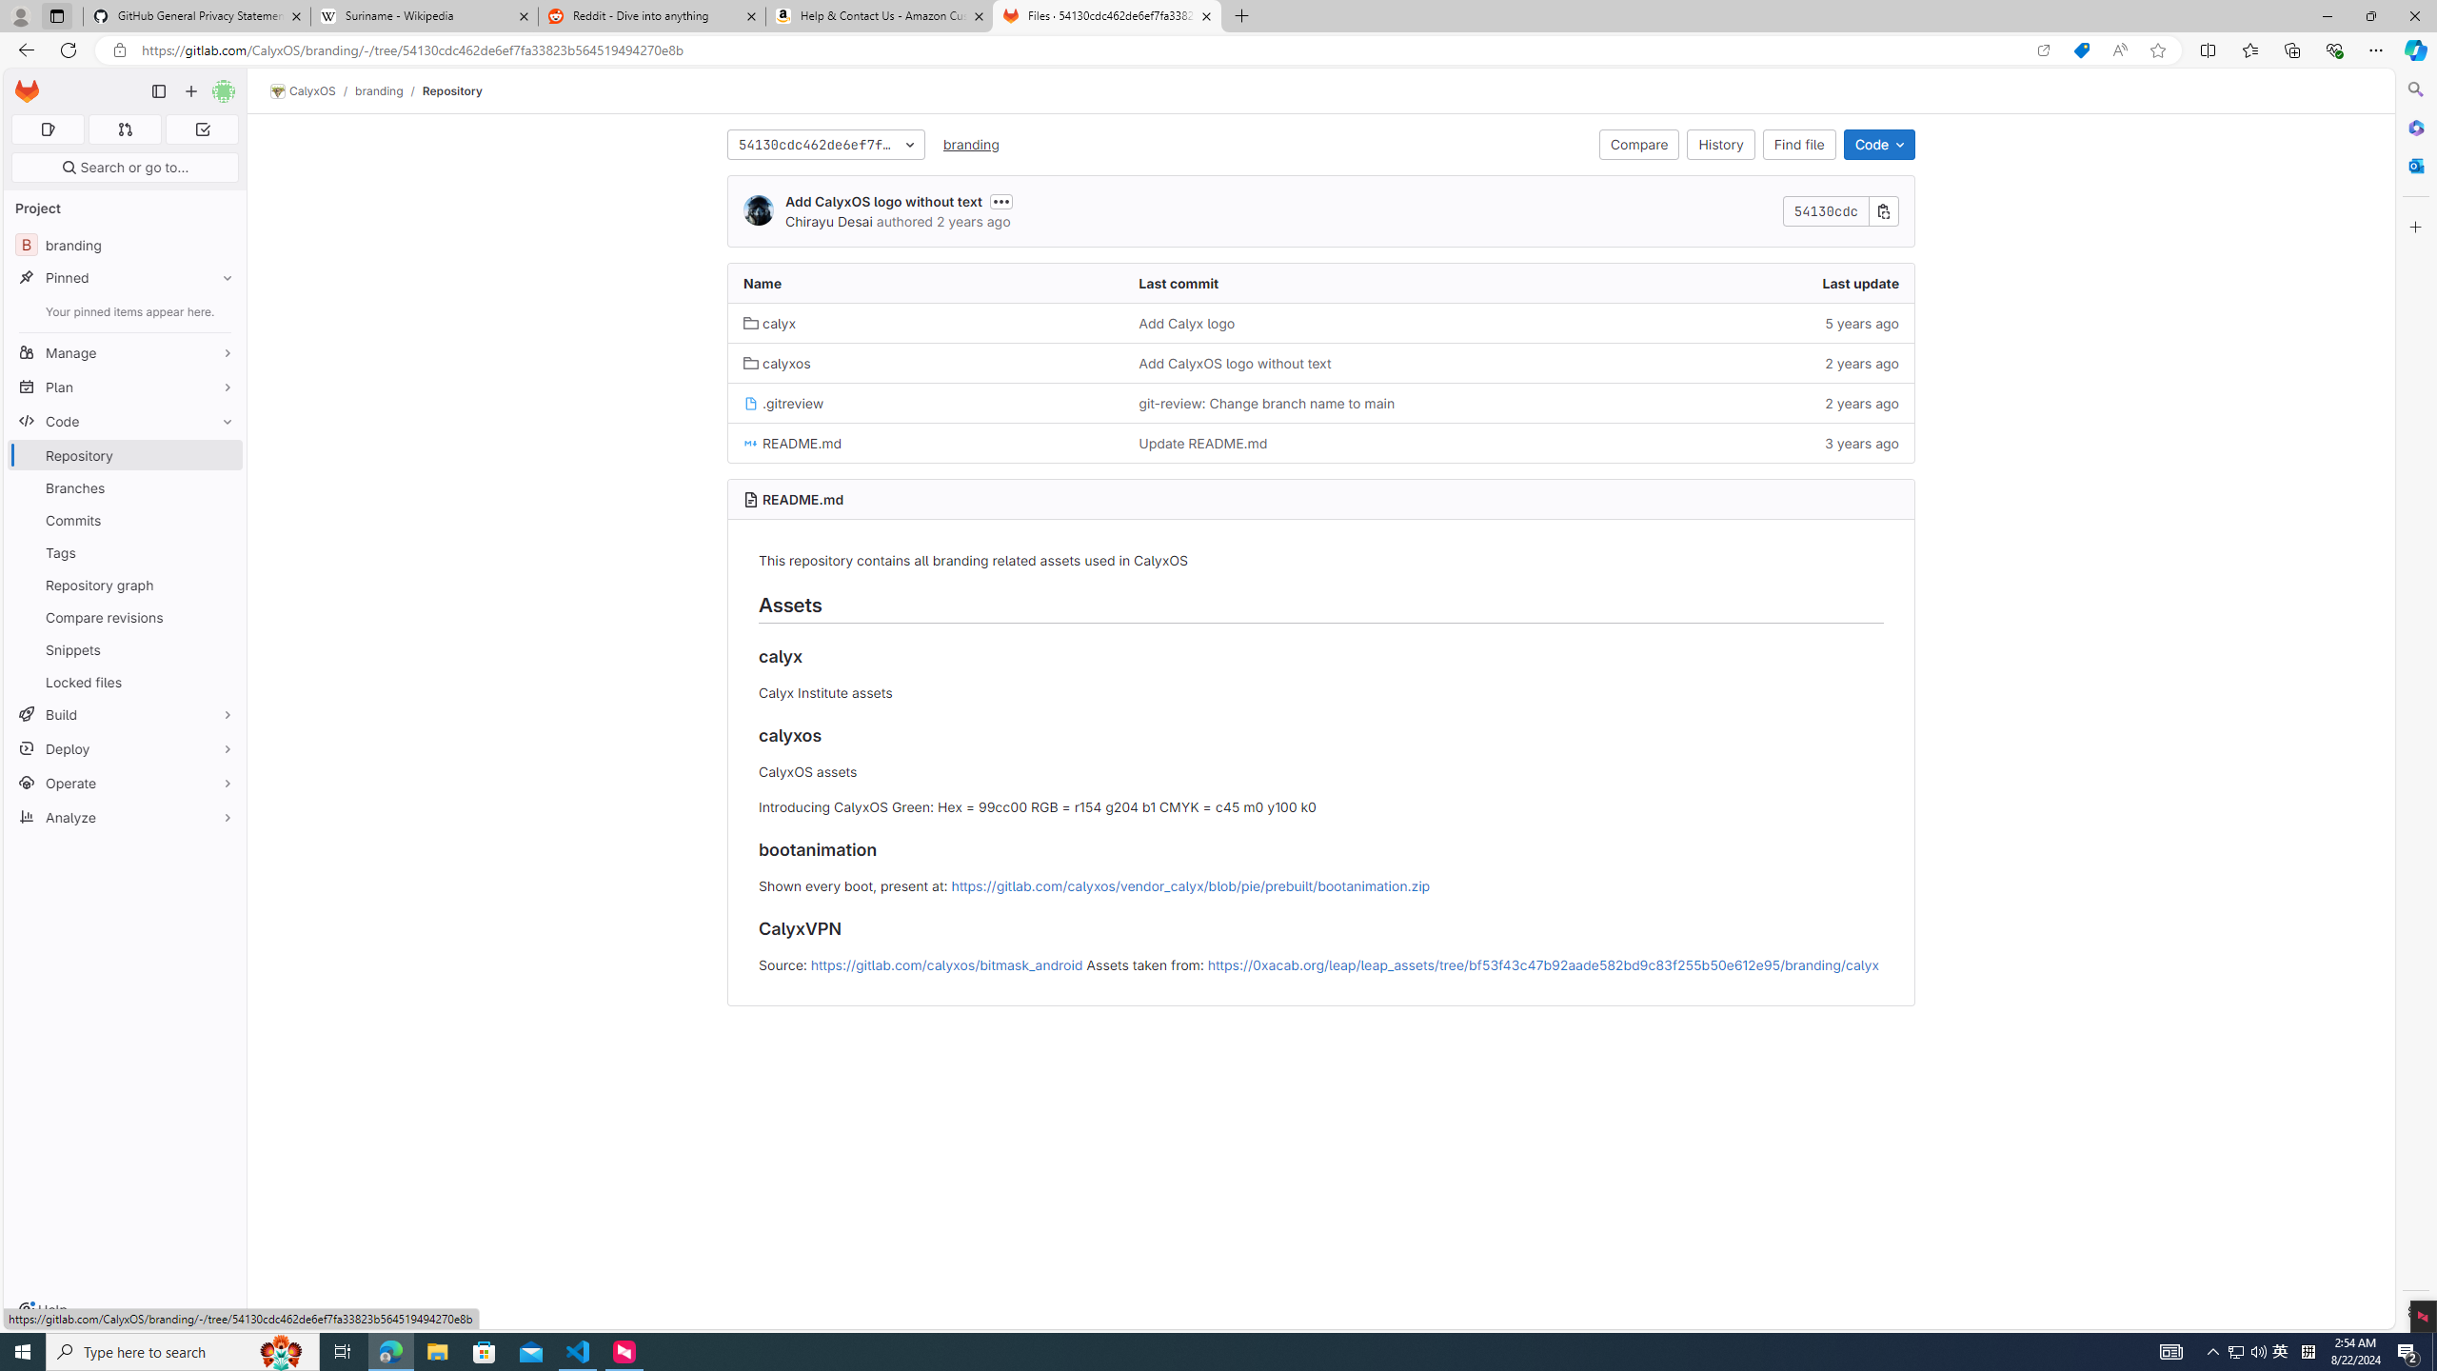  Describe the element at coordinates (2080, 50) in the screenshot. I see `'Shopping in Microsoft Edge'` at that location.